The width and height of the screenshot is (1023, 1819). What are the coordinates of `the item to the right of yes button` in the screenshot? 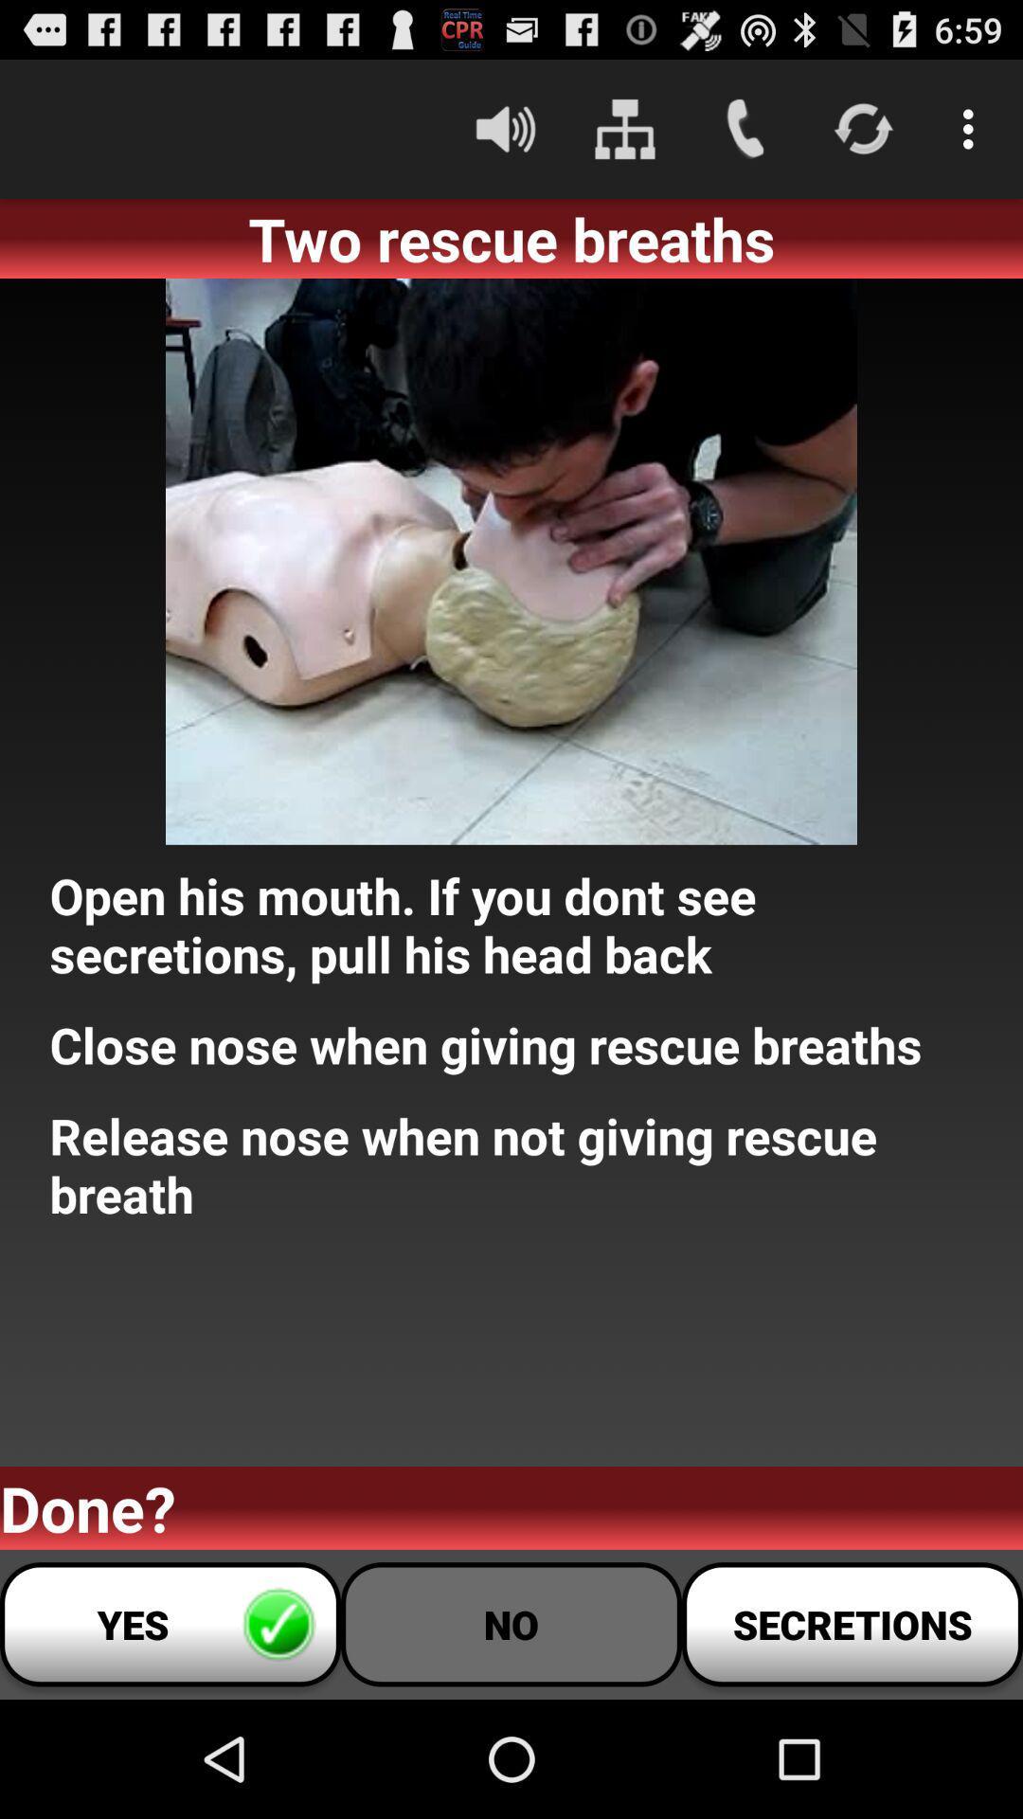 It's located at (511, 1623).